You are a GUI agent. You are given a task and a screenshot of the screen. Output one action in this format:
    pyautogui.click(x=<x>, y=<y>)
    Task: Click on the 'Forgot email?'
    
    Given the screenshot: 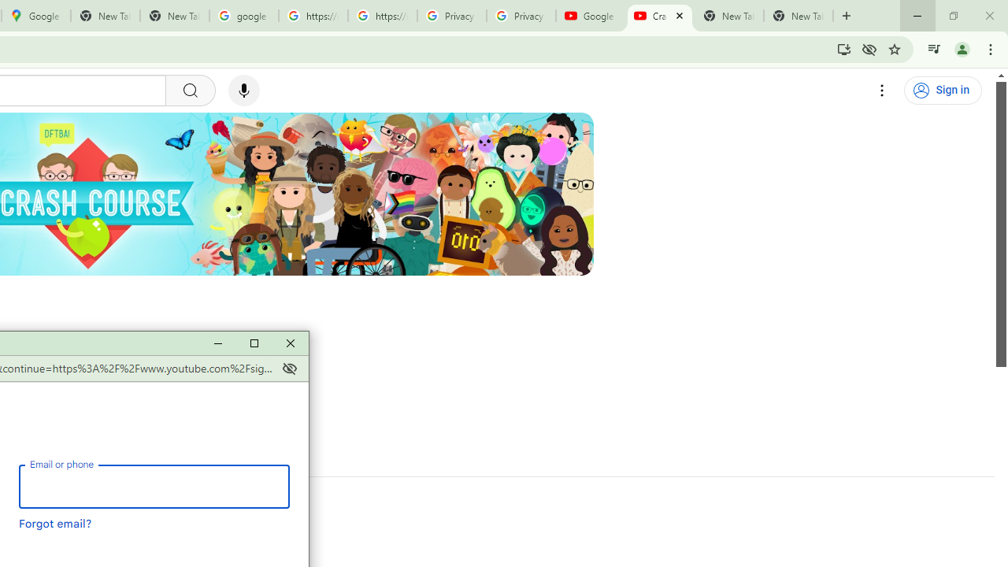 What is the action you would take?
    pyautogui.click(x=55, y=523)
    